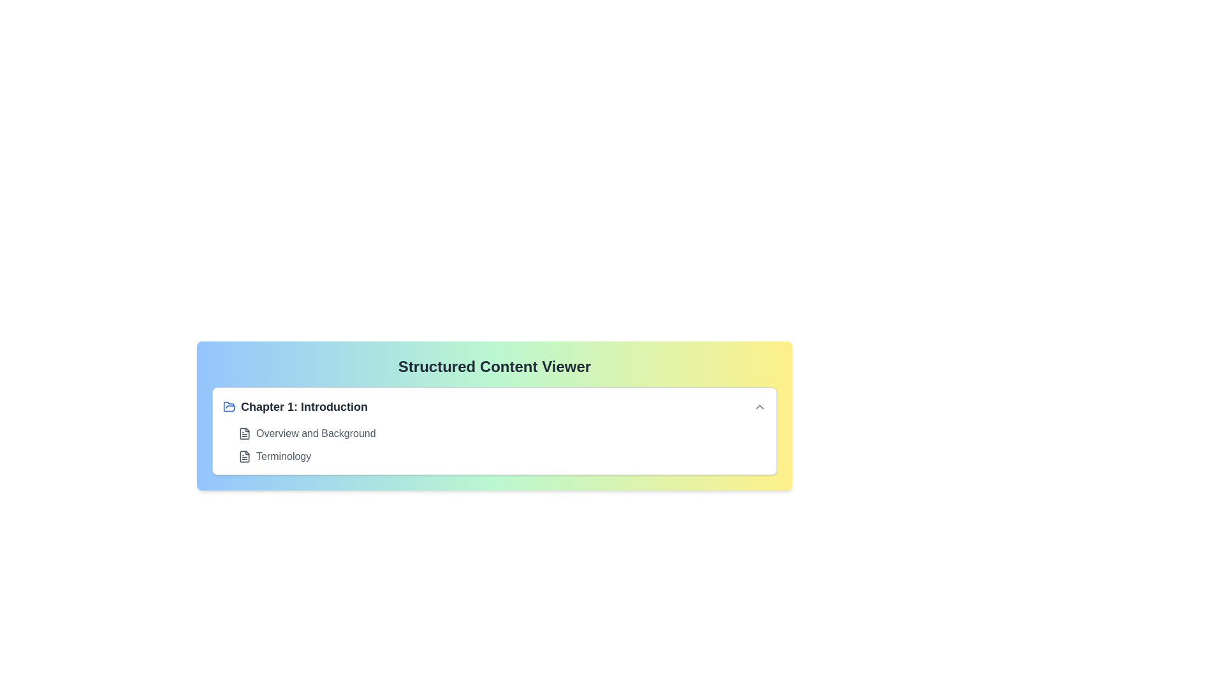  Describe the element at coordinates (245, 433) in the screenshot. I see `the small gray file document icon located next to the 'Overview and Background' text in the first chapter of the structured content viewer` at that location.